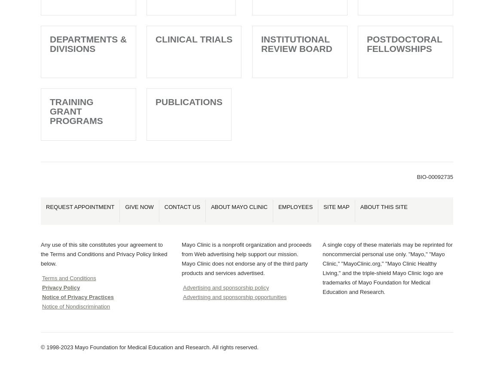 The image size is (494, 381). I want to click on 'About Mayo Clinic', so click(239, 207).